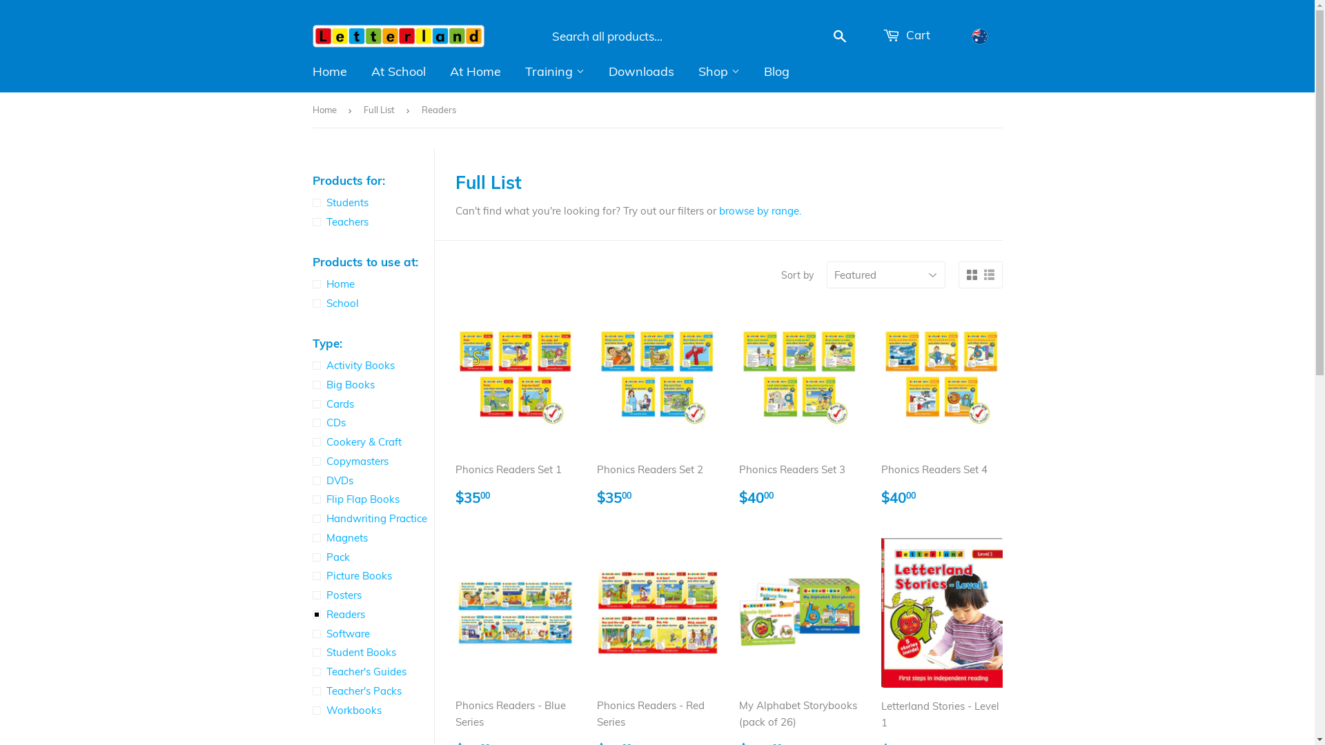 The image size is (1325, 745). I want to click on 'Software', so click(311, 633).